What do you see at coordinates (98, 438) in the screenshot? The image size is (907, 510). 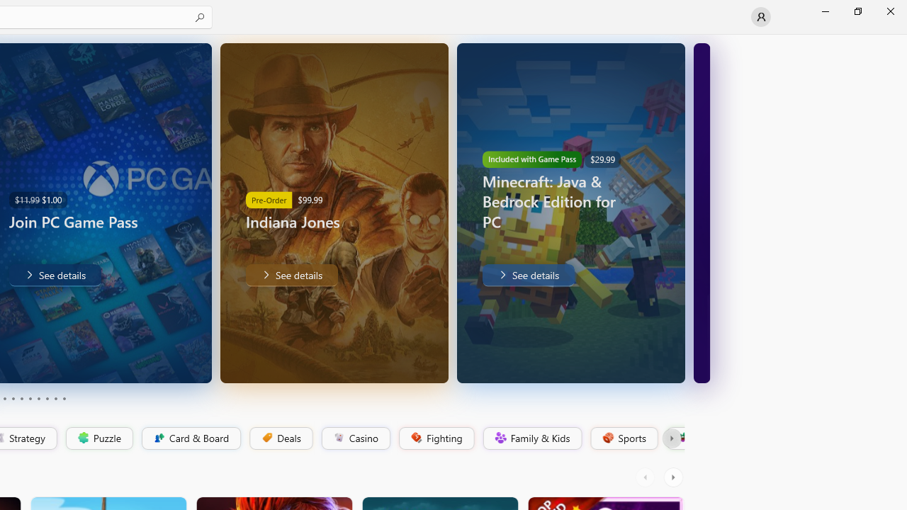 I see `'Puzzle'` at bounding box center [98, 438].